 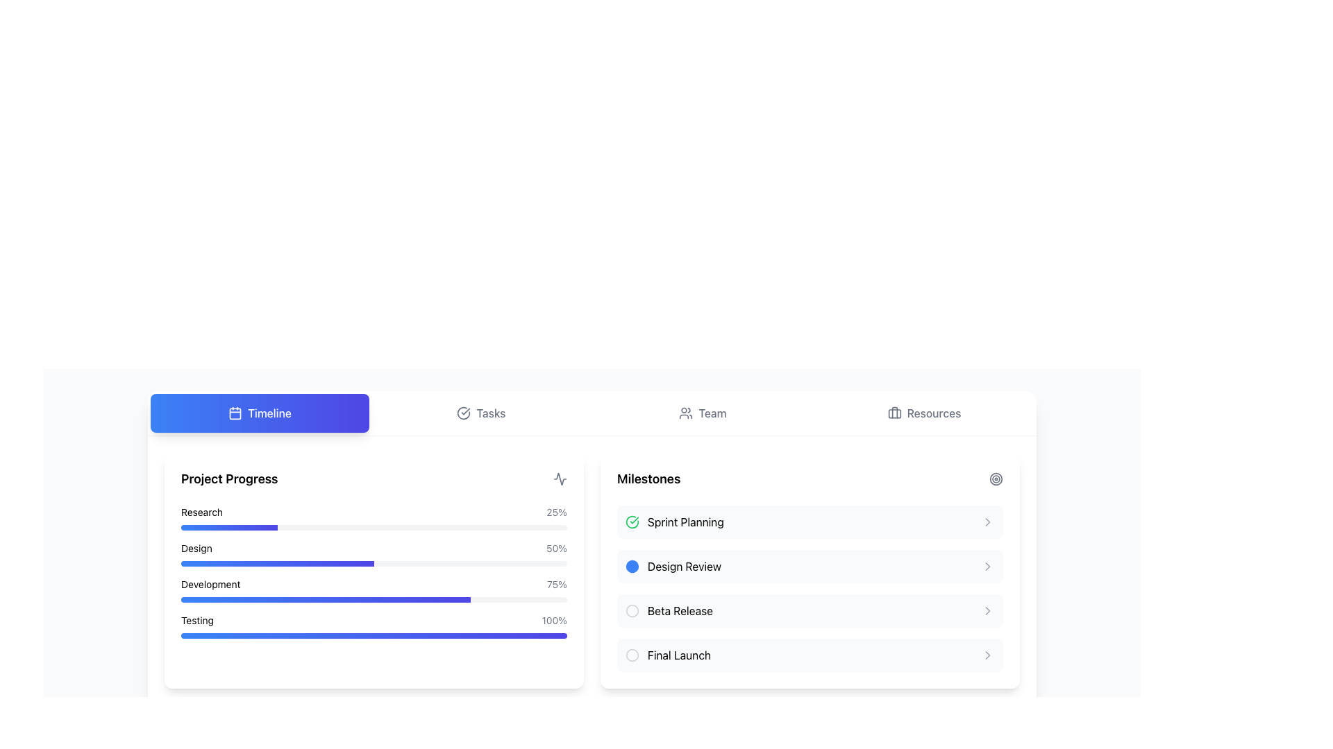 I want to click on the progress bar segment representing the completion status of the 'Development' task, which indicates 75% completion in the 'Project Progress' section, so click(x=325, y=599).